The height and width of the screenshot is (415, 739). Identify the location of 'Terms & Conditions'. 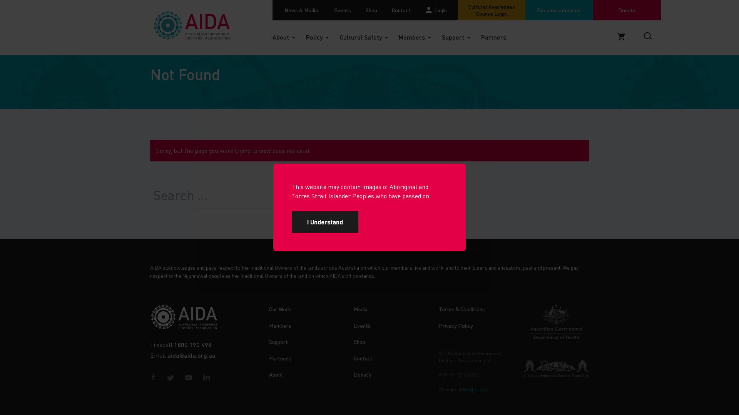
(439, 308).